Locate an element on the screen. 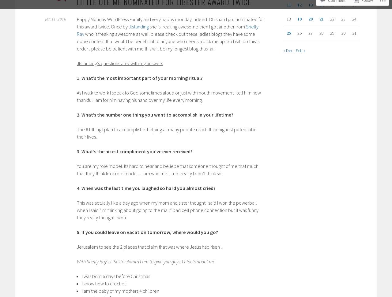 The width and height of the screenshot is (392, 297). 'she is freaking awesome then I got another from' is located at coordinates (197, 26).